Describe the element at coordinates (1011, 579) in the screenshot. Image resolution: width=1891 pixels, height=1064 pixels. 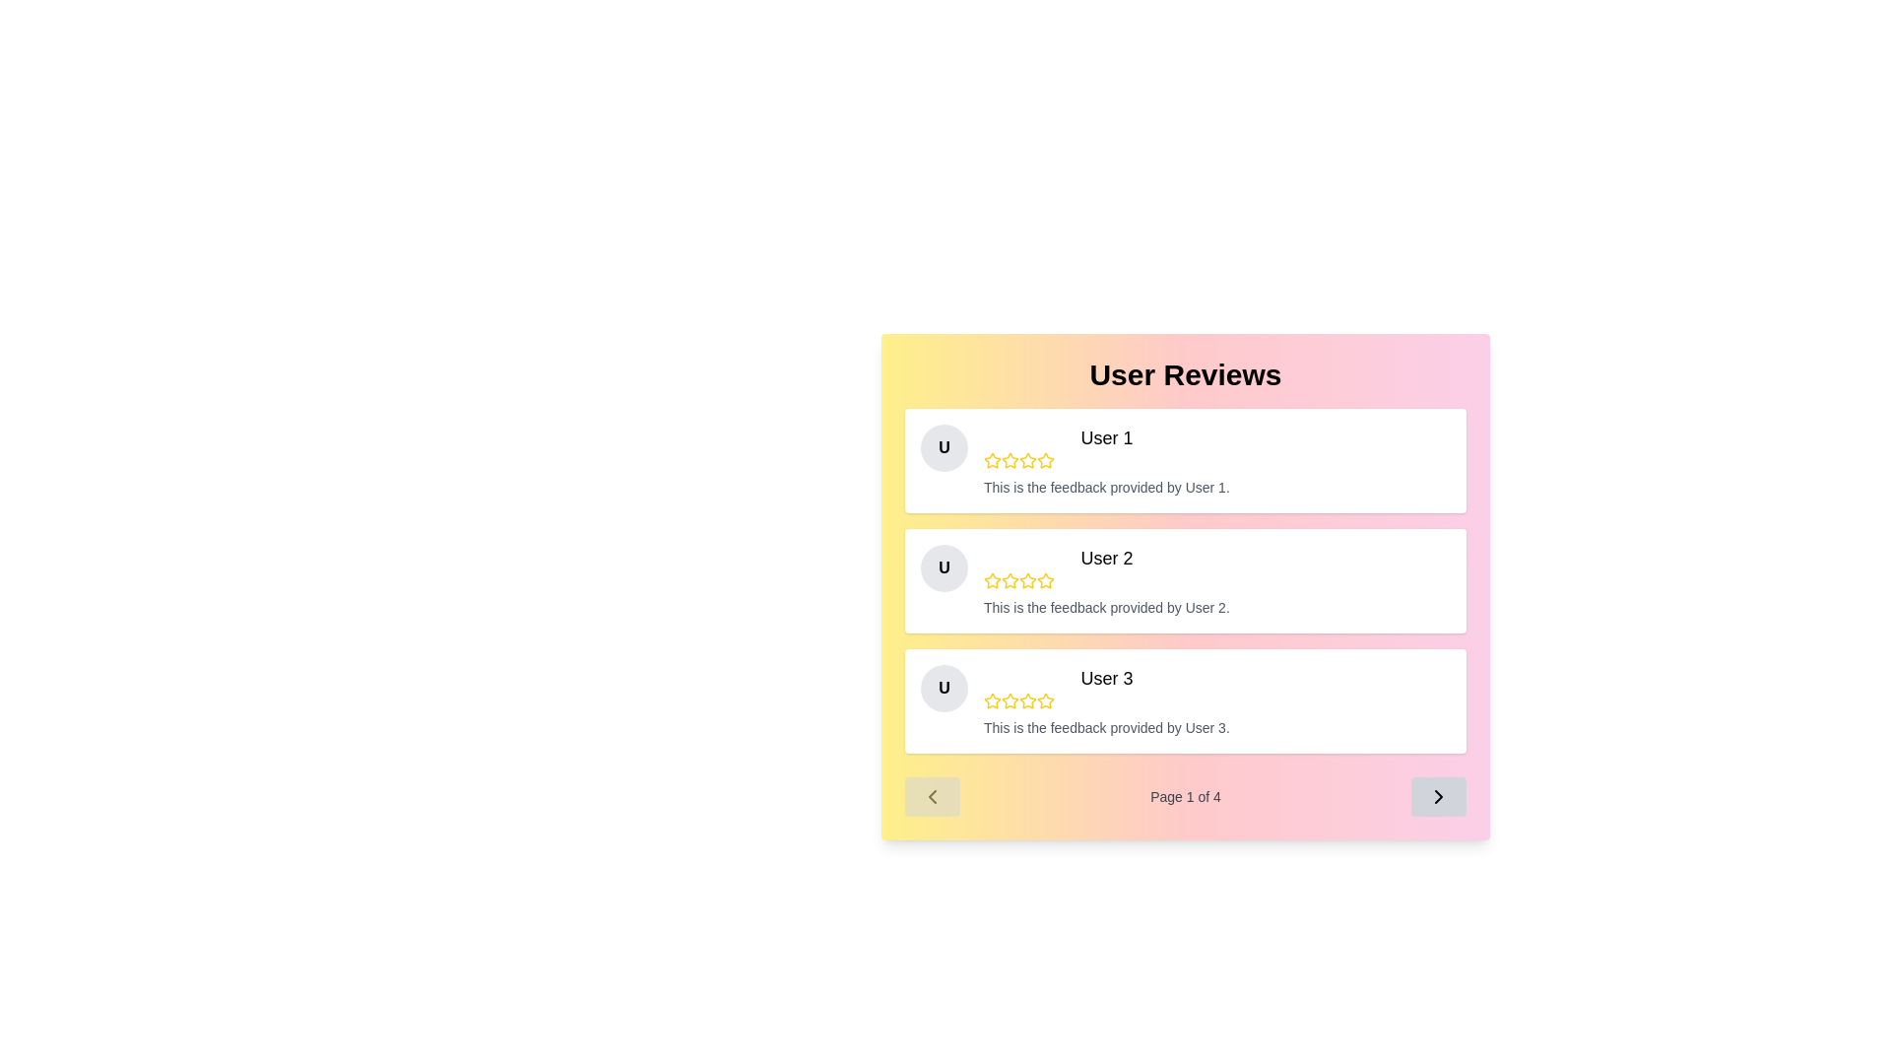
I see `the second star in the user review rating system for 'User 2' to rate it` at that location.